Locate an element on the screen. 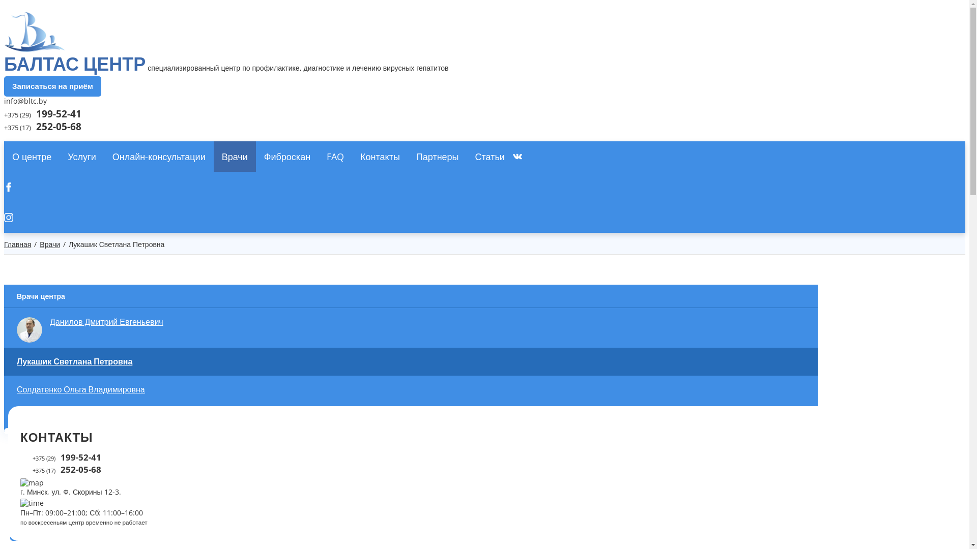 The width and height of the screenshot is (977, 549). '+375 (17) 252-05-68' is located at coordinates (60, 470).